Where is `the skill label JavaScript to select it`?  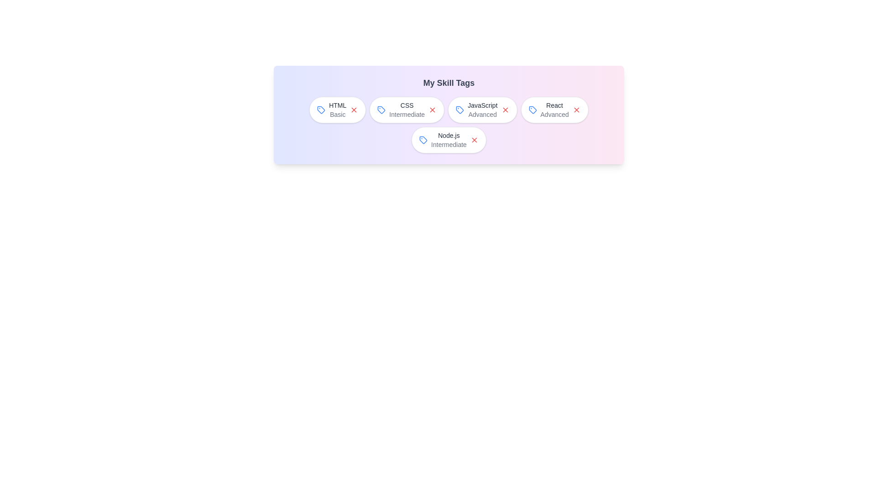 the skill label JavaScript to select it is located at coordinates (481, 109).